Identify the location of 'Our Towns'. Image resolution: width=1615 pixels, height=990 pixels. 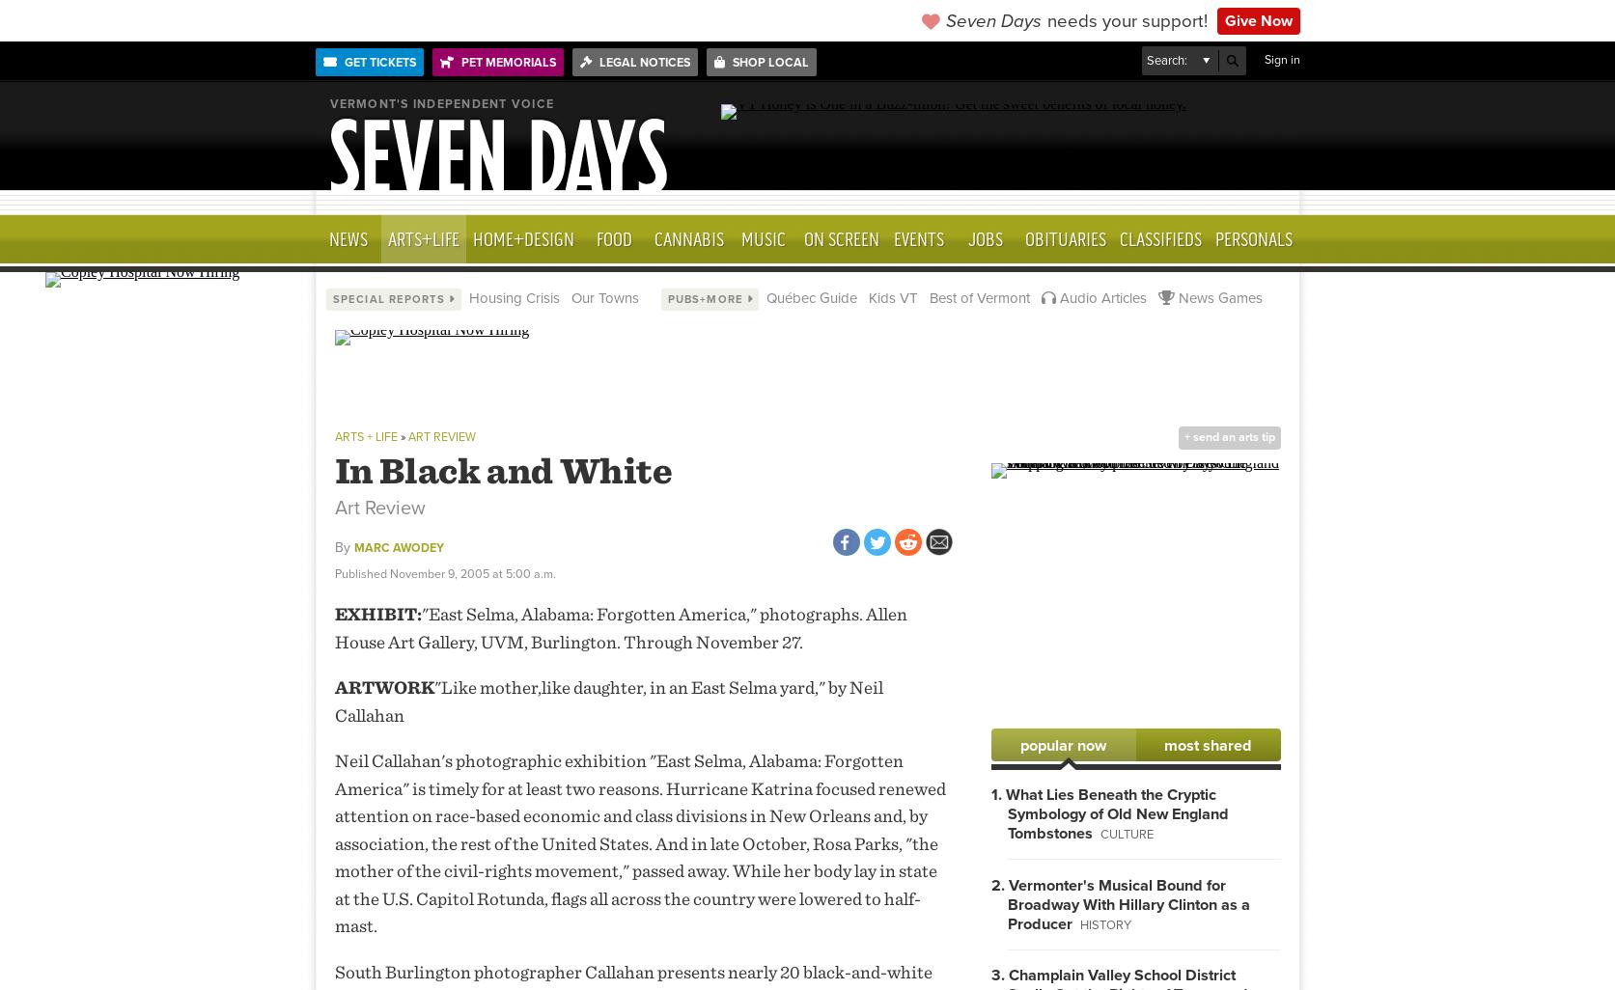
(603, 298).